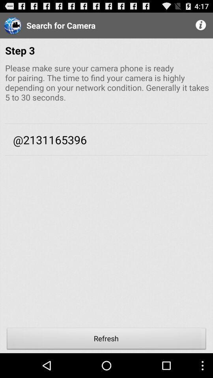  What do you see at coordinates (201, 25) in the screenshot?
I see `icon at the top right corner` at bounding box center [201, 25].